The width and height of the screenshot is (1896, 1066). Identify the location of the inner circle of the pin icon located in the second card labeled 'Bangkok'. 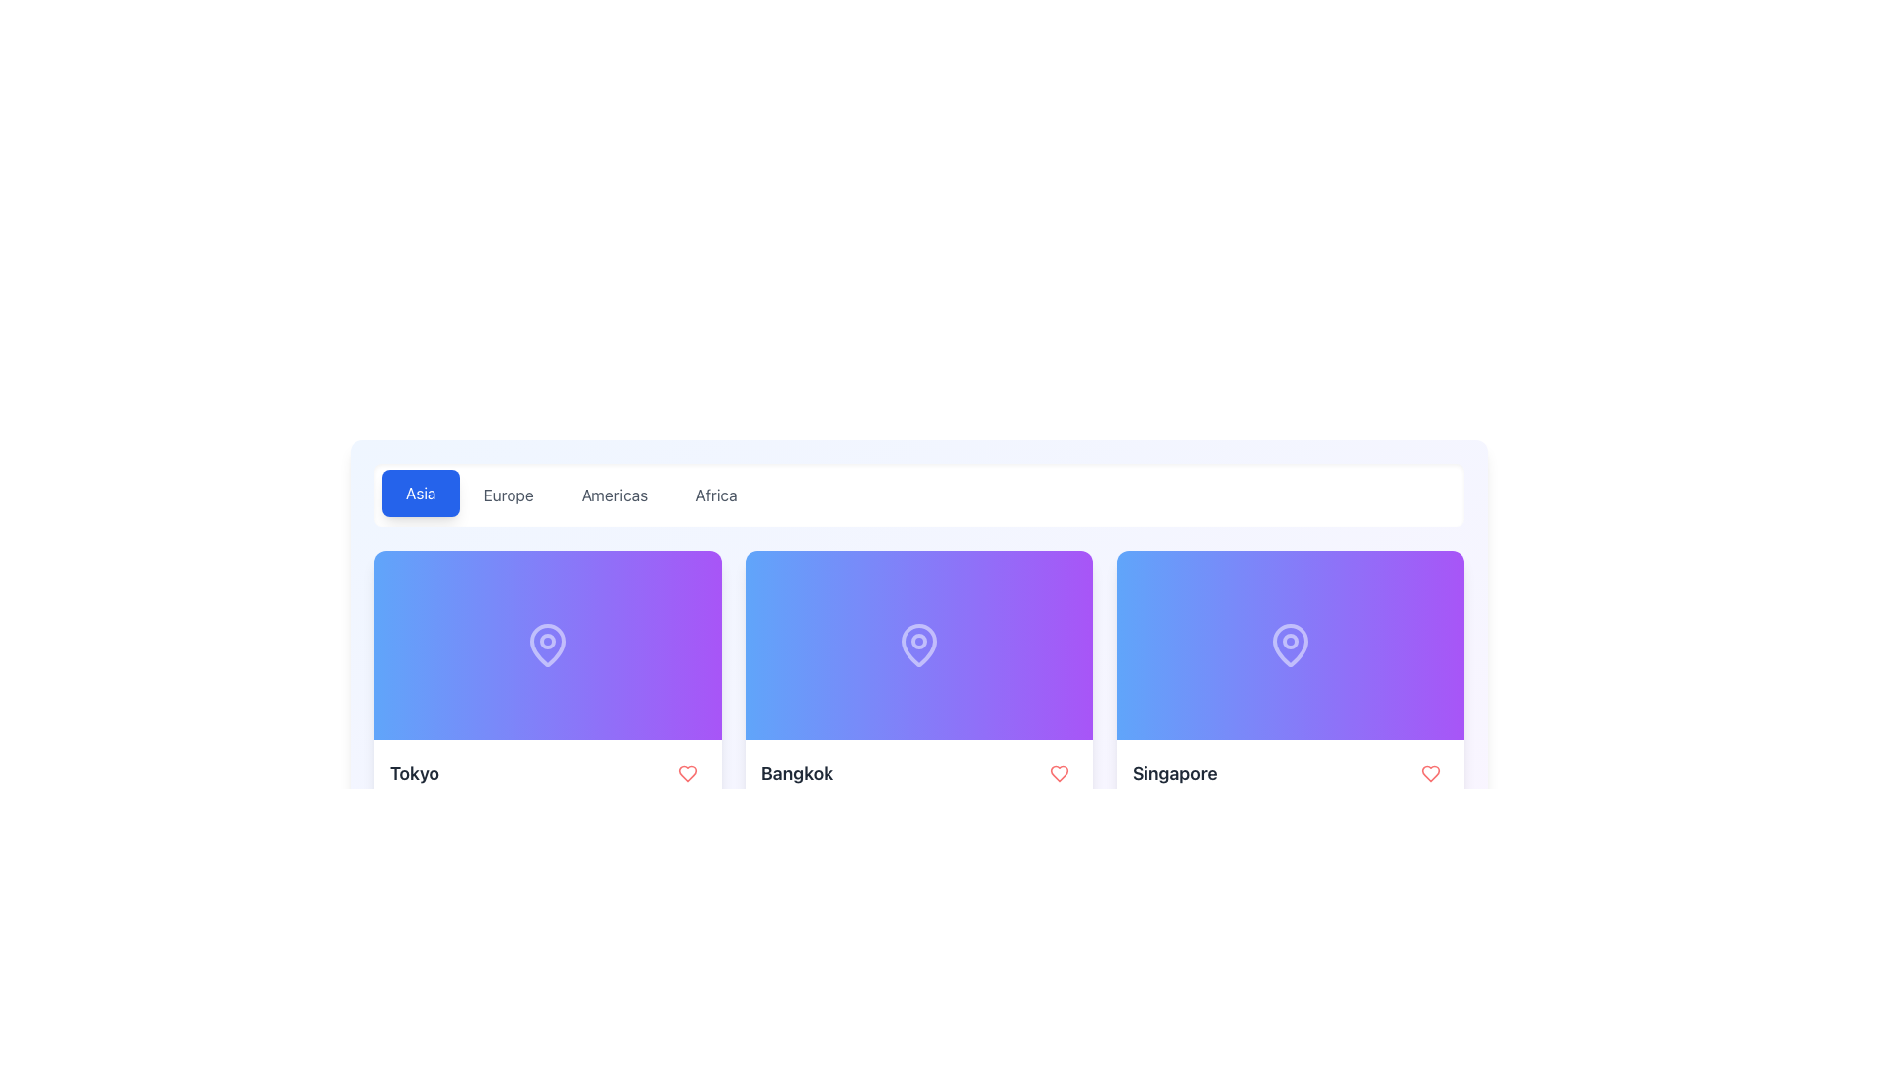
(918, 642).